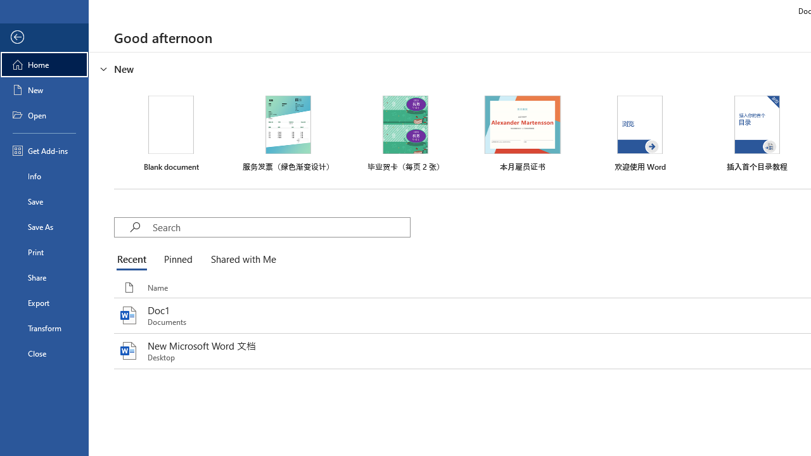 This screenshot has width=811, height=456. What do you see at coordinates (280, 226) in the screenshot?
I see `'Search'` at bounding box center [280, 226].